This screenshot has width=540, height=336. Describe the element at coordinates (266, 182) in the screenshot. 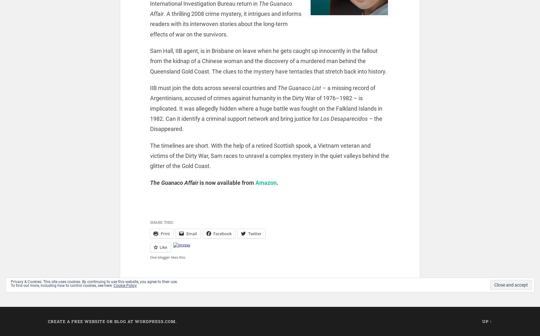

I see `'Amazon'` at that location.